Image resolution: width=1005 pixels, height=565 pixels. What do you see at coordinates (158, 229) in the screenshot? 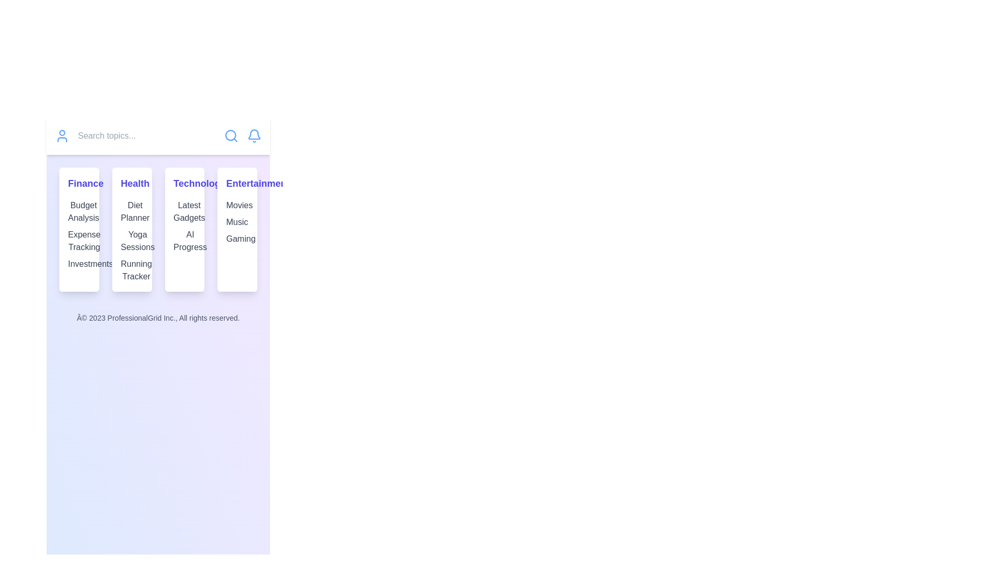
I see `a section card in the vertically arranged grid layout` at bounding box center [158, 229].